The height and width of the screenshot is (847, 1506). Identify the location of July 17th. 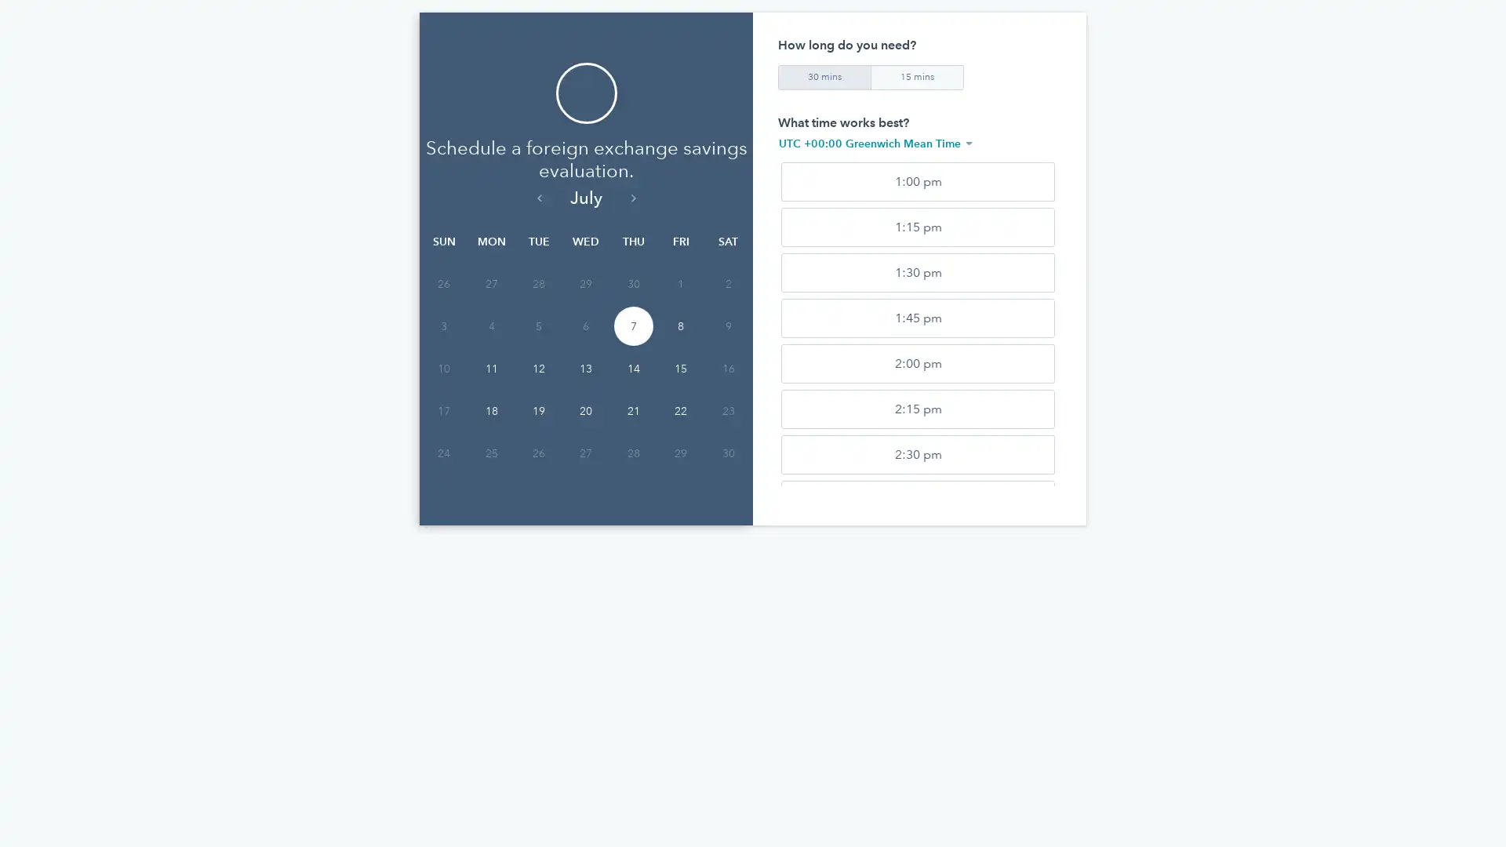
(443, 410).